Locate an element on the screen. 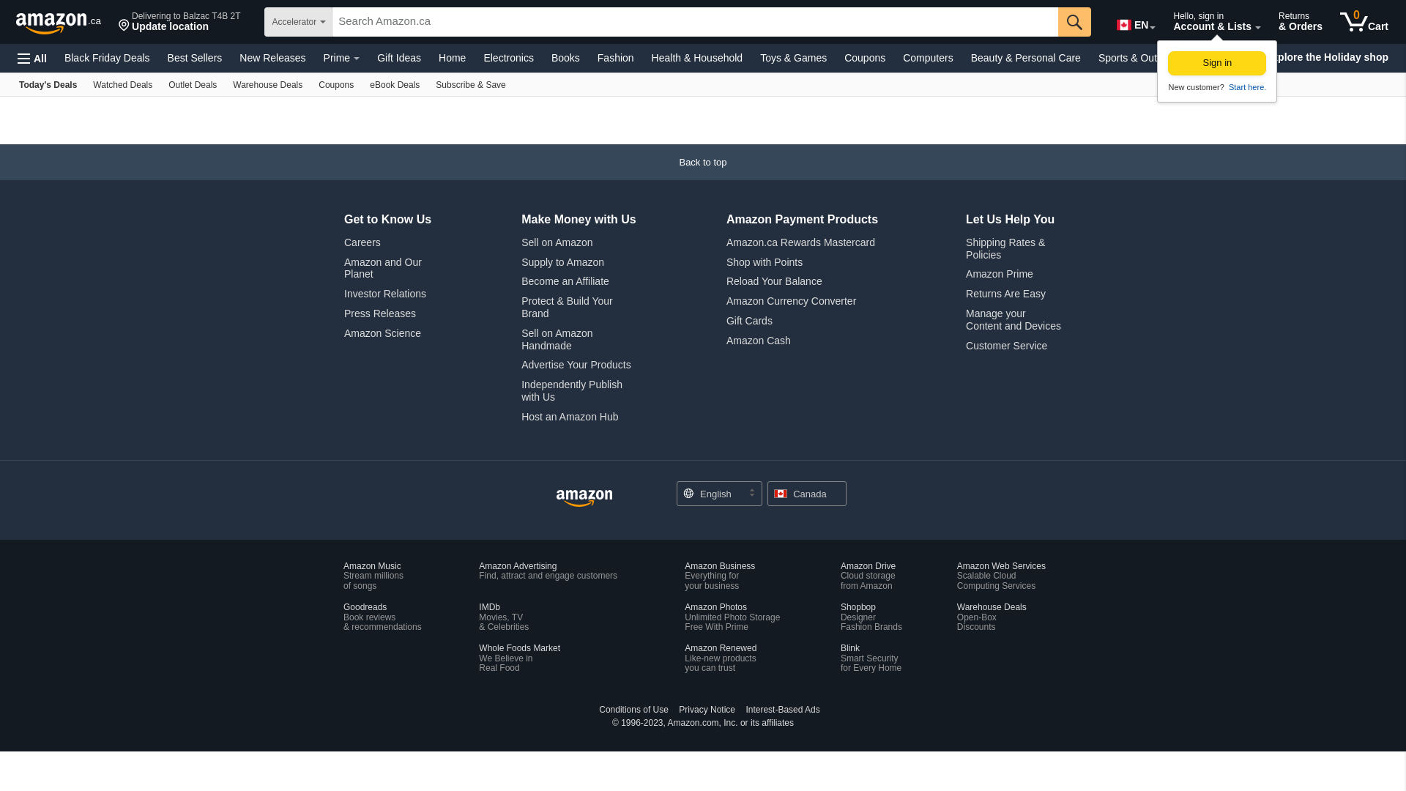  'New Releases' is located at coordinates (230, 56).